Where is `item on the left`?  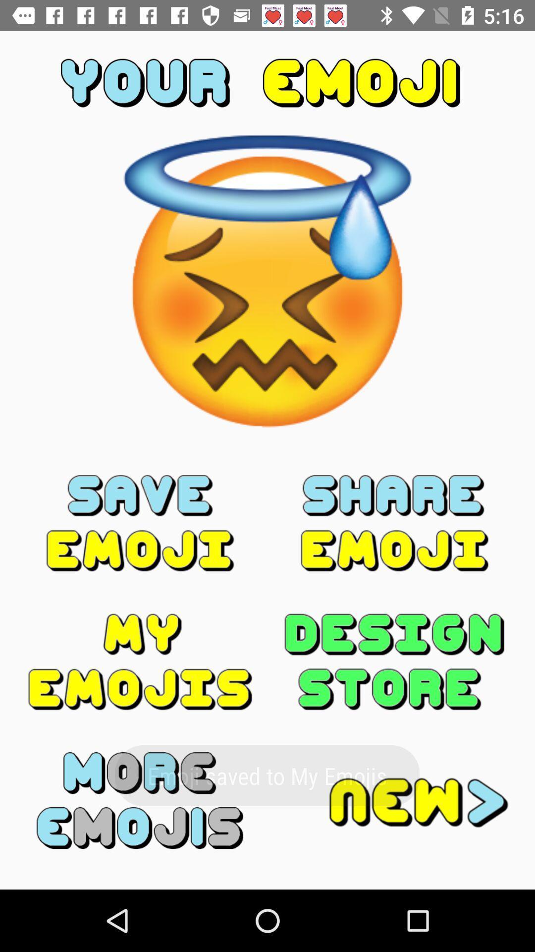
item on the left is located at coordinates (140, 523).